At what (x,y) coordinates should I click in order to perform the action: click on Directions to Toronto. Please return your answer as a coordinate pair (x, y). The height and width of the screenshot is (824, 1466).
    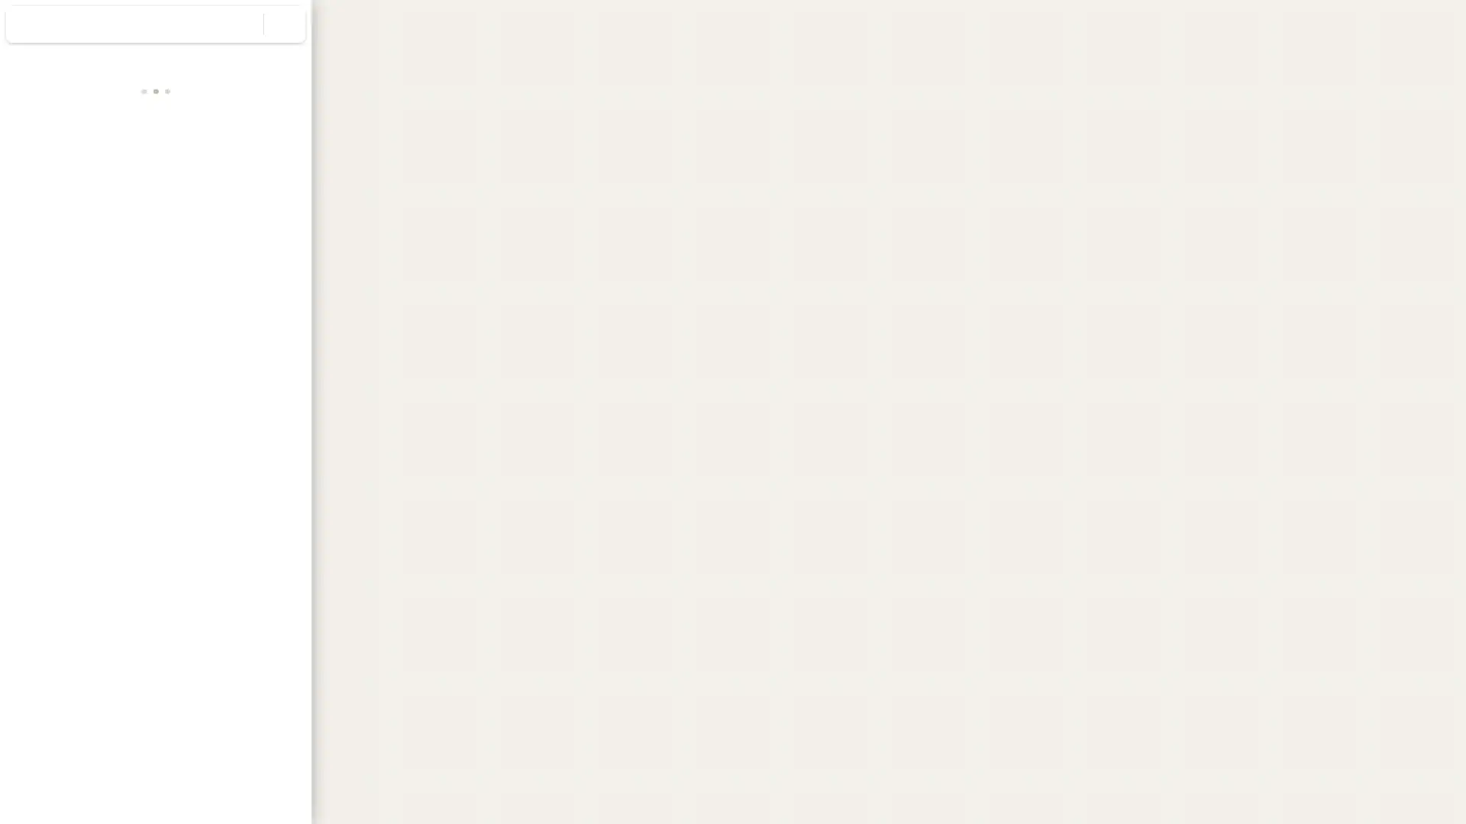
    Looking at the image, I should click on (44, 291).